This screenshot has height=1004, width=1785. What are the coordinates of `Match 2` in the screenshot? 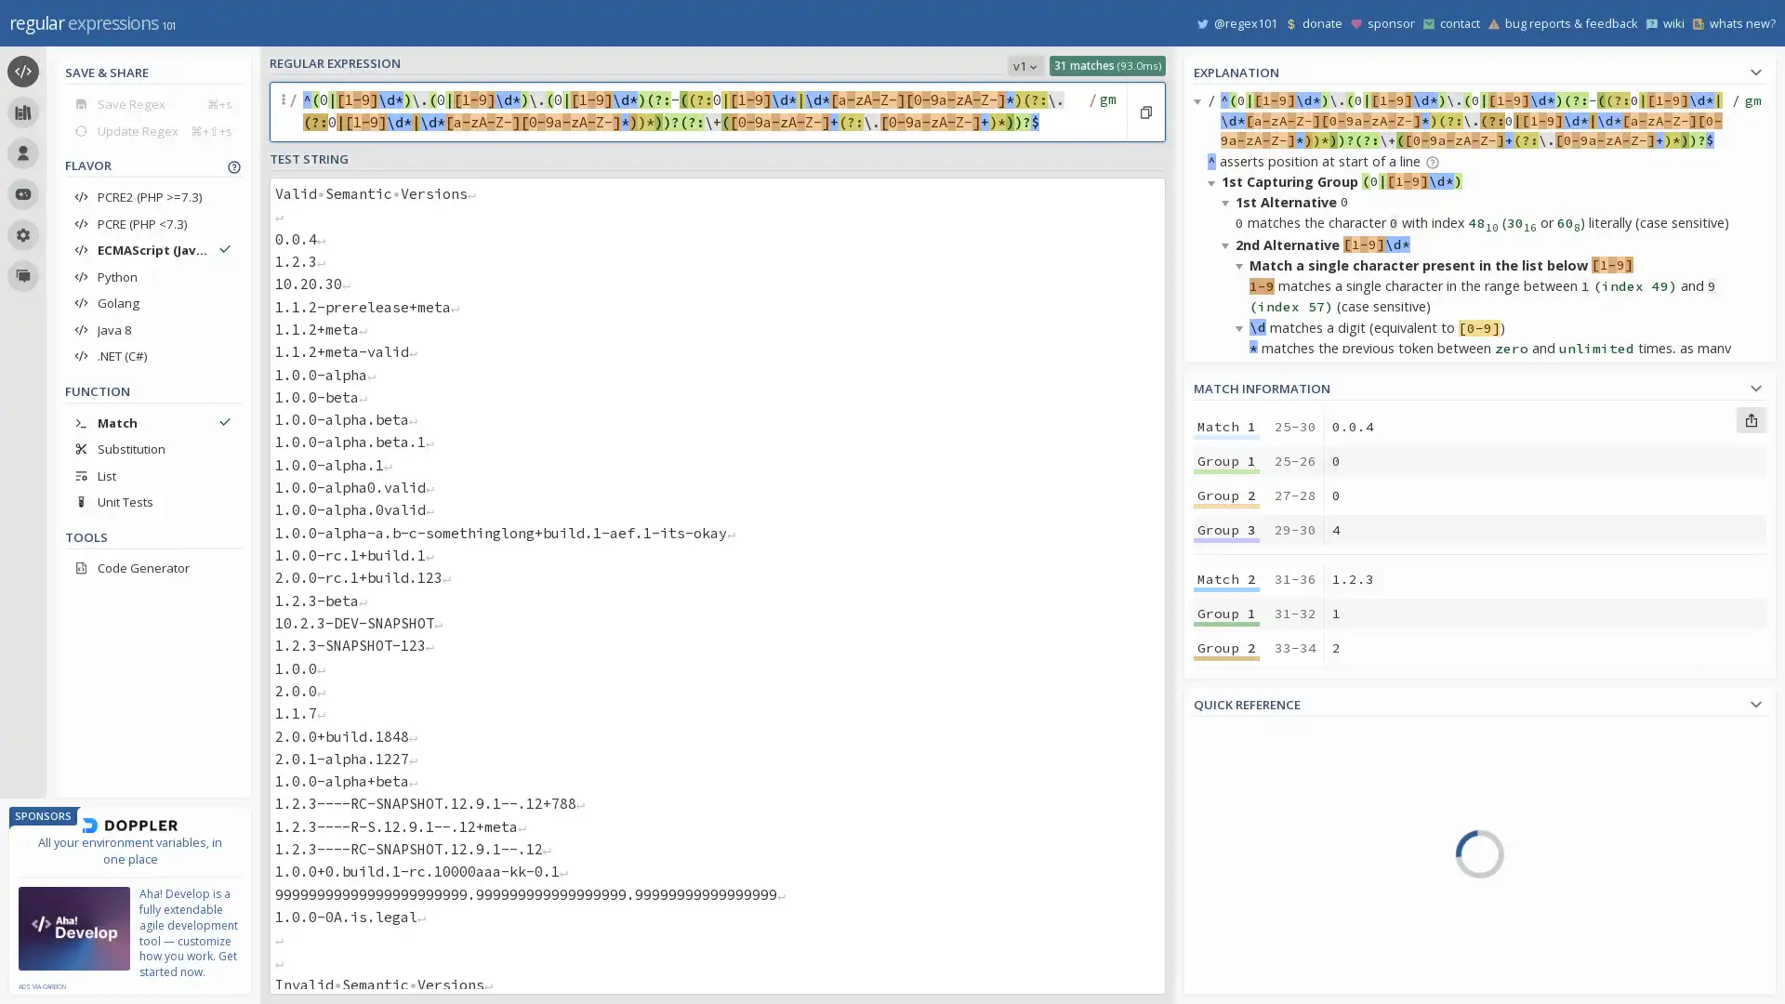 It's located at (1226, 578).